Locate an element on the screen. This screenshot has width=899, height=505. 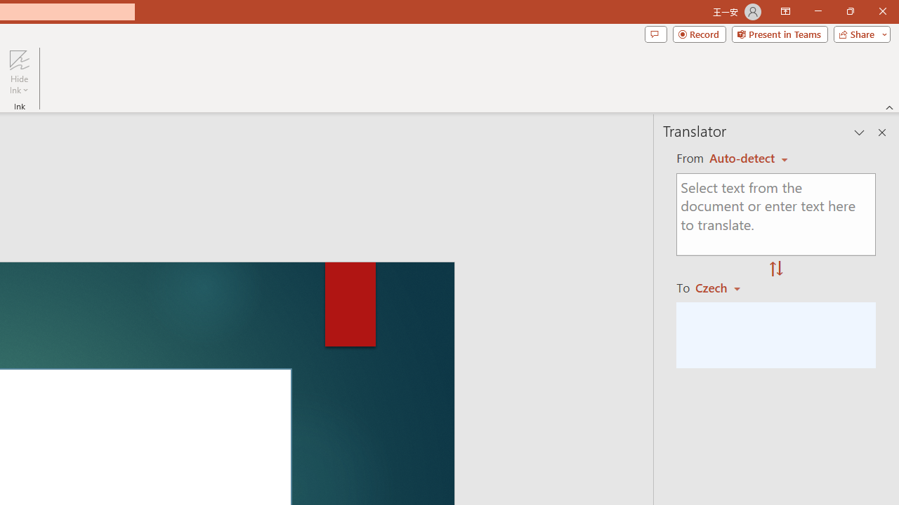
'Minimize' is located at coordinates (818, 11).